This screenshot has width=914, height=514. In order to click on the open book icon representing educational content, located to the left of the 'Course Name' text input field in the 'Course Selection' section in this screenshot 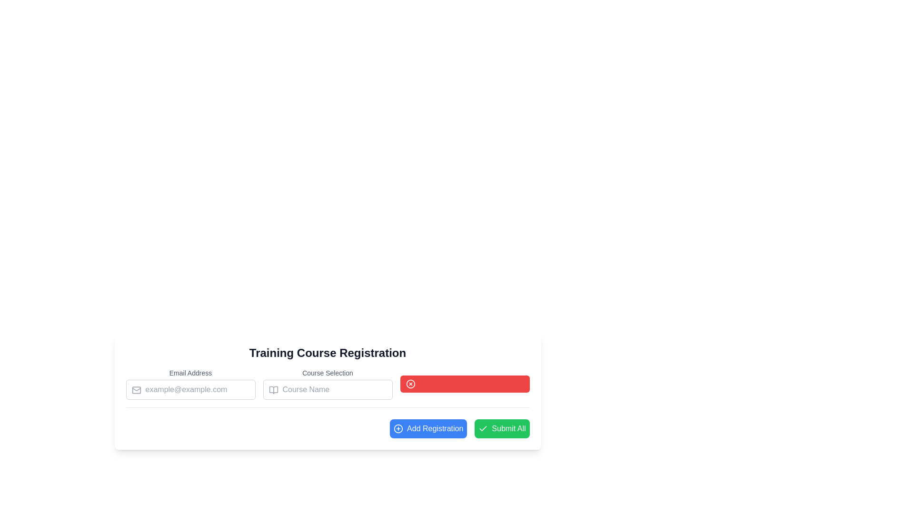, I will do `click(273, 390)`.